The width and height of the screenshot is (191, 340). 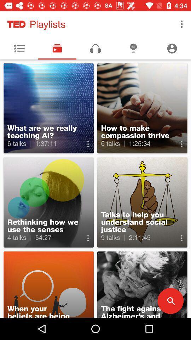 I want to click on the image  what are we really teaching al on the top corner of the screen, so click(x=48, y=108).